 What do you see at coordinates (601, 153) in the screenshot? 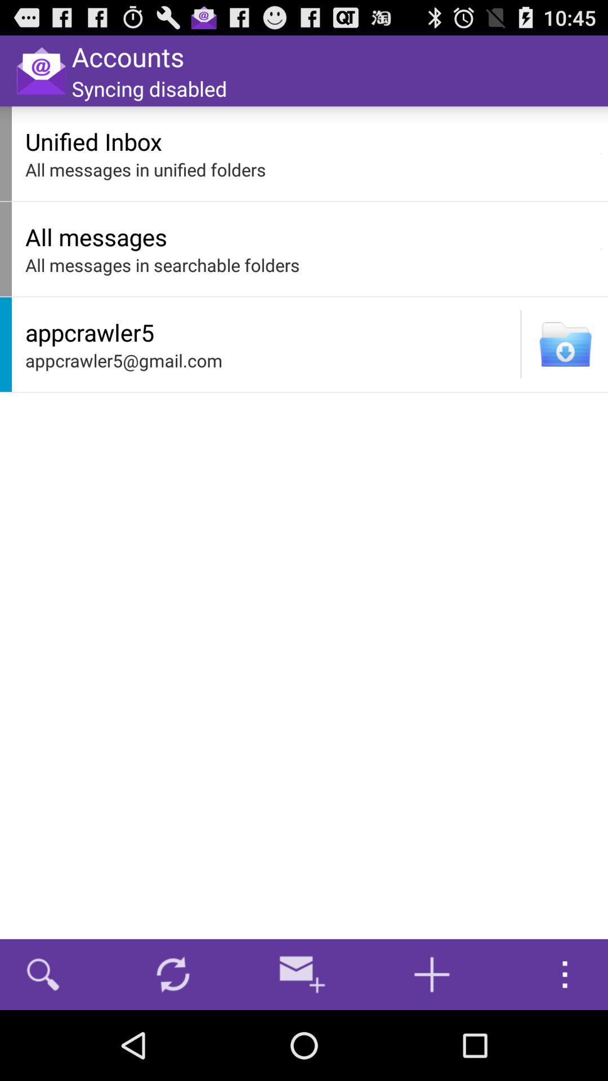
I see `the icon next to the unified inbox app` at bounding box center [601, 153].